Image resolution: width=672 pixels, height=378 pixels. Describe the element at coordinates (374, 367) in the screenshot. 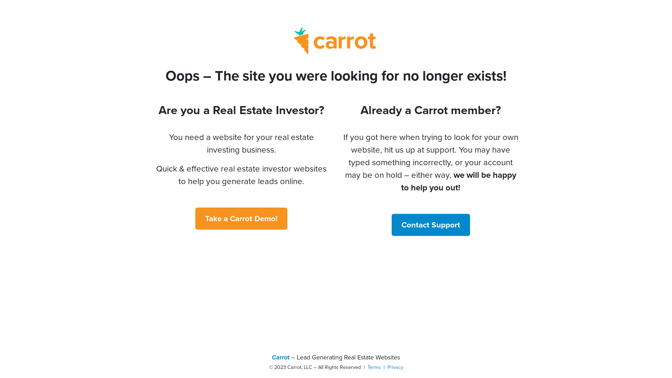

I see `'Terms'` at that location.